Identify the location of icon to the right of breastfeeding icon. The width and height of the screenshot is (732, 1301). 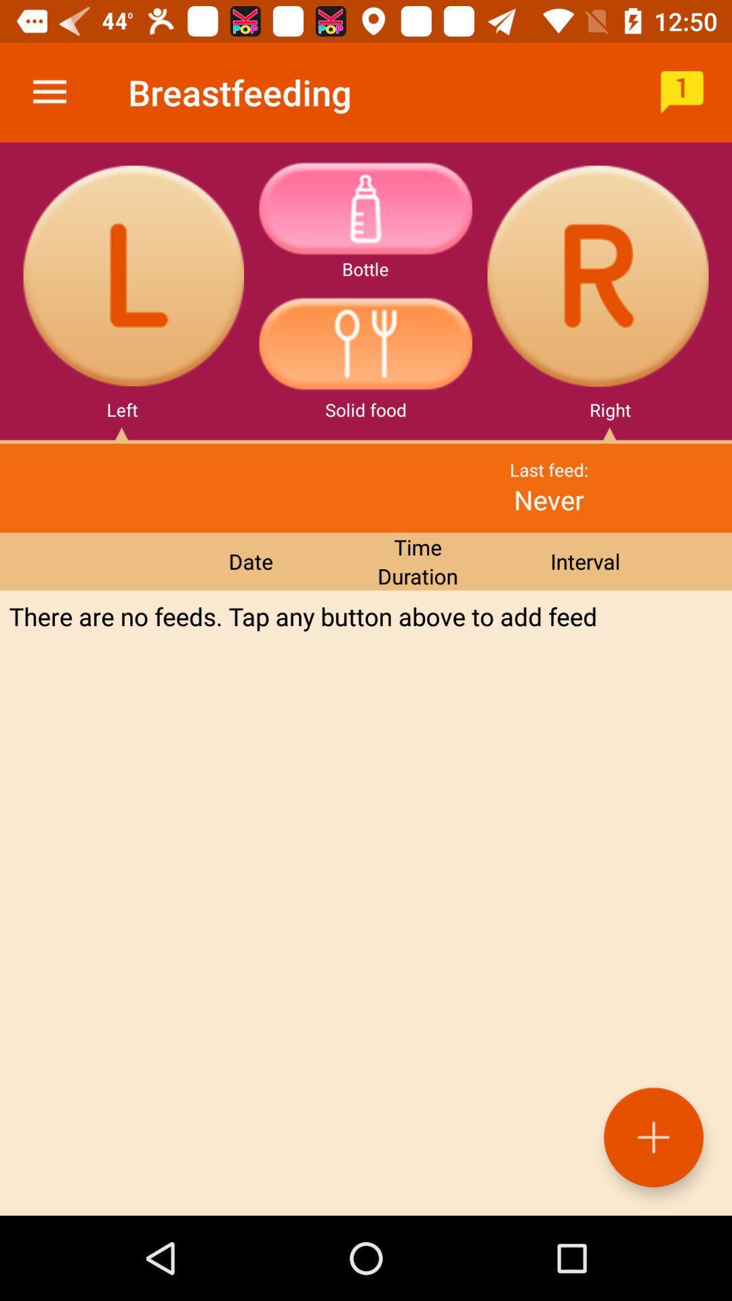
(682, 91).